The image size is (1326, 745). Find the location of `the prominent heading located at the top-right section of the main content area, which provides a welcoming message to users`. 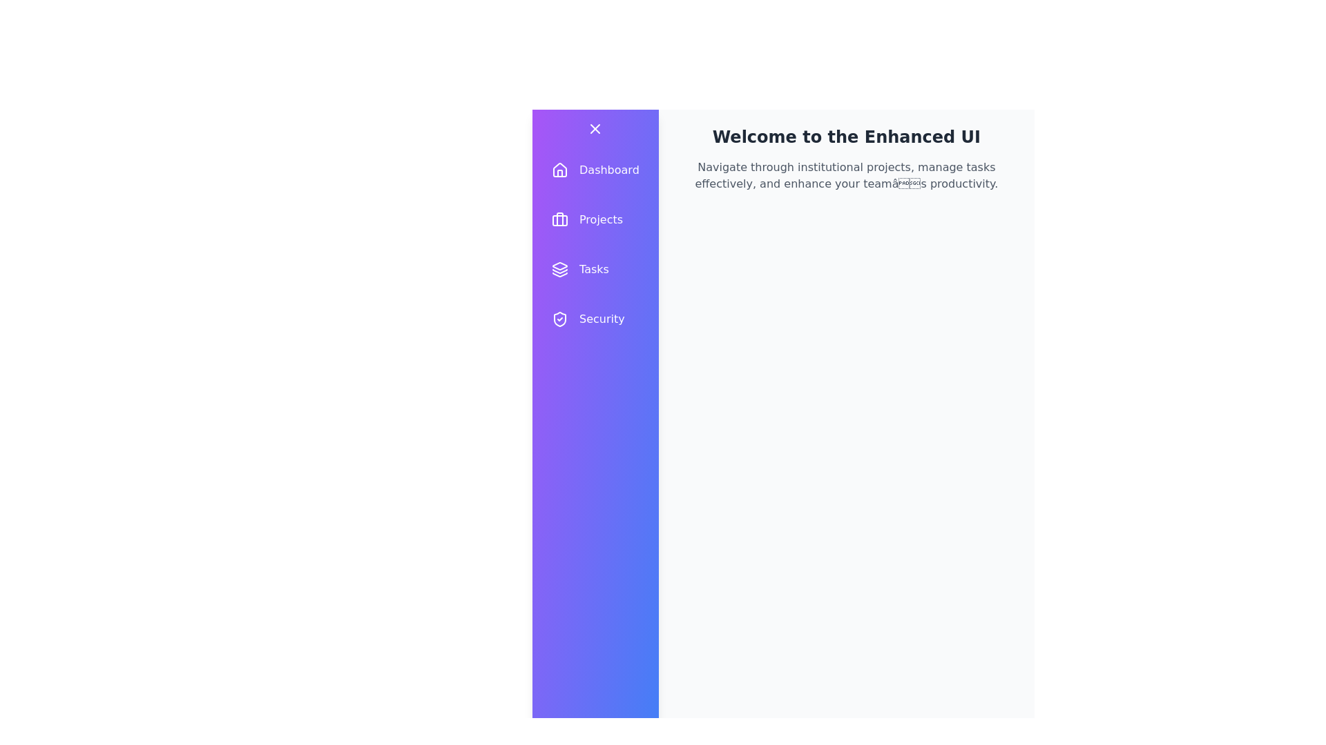

the prominent heading located at the top-right section of the main content area, which provides a welcoming message to users is located at coordinates (845, 137).